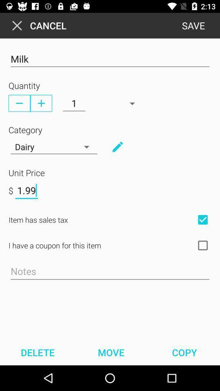 The width and height of the screenshot is (220, 391). I want to click on write notes, so click(110, 272).